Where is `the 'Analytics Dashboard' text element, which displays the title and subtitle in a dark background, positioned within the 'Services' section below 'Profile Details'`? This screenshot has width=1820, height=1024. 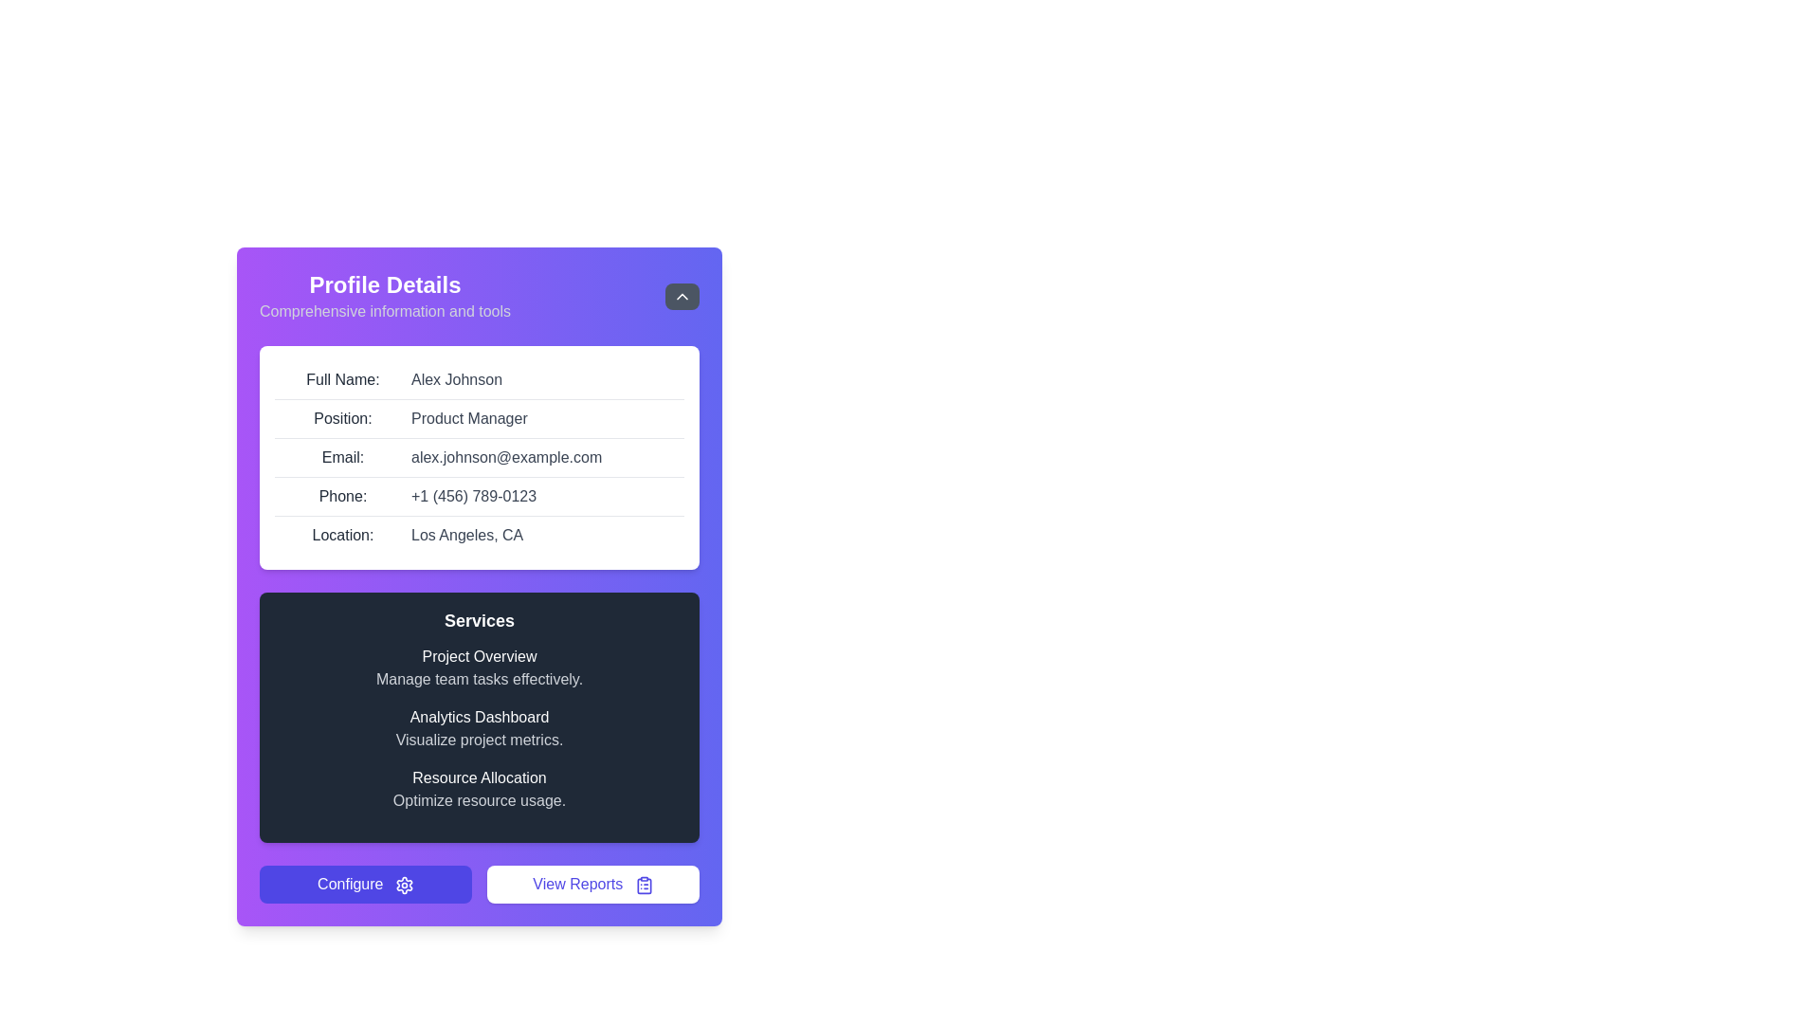 the 'Analytics Dashboard' text element, which displays the title and subtitle in a dark background, positioned within the 'Services' section below 'Profile Details' is located at coordinates (479, 727).